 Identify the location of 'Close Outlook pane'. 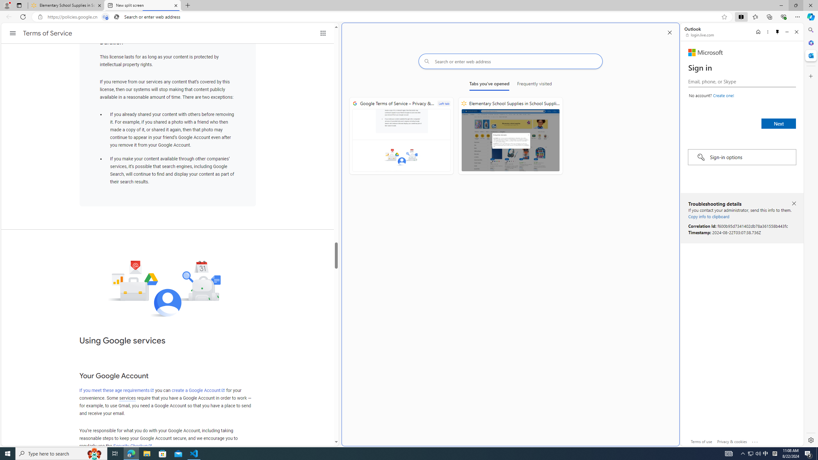
(810, 55).